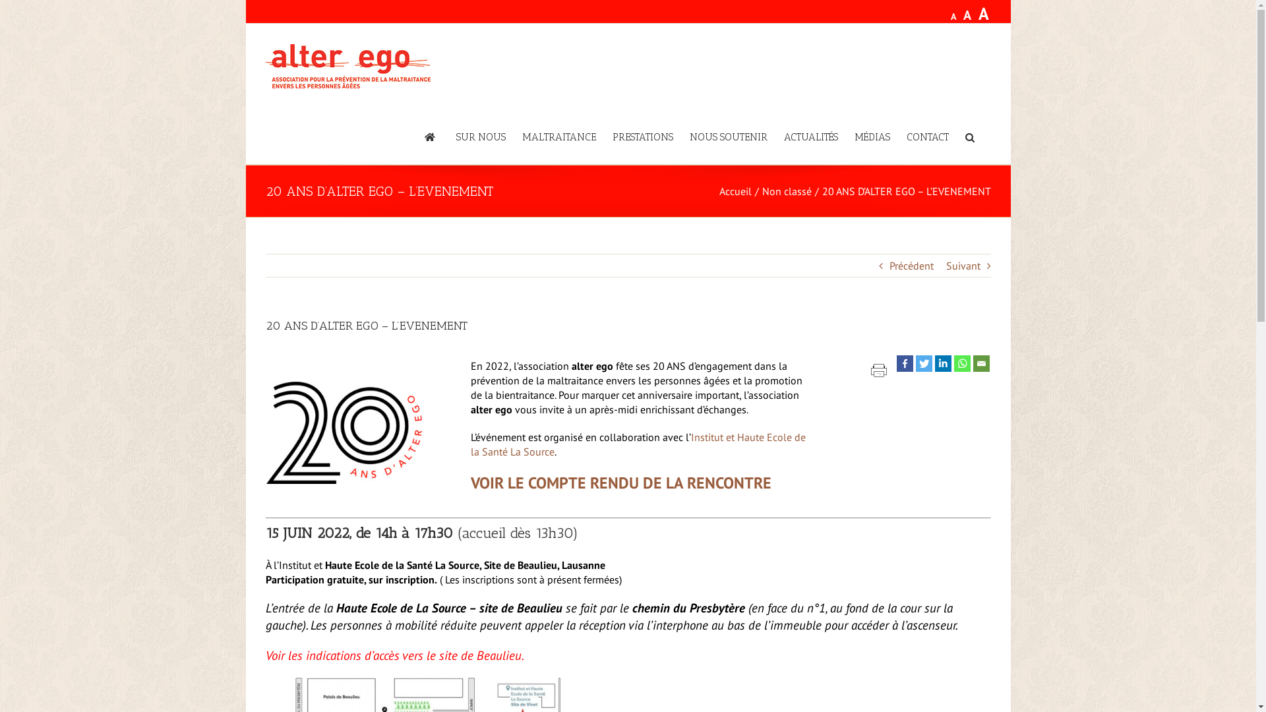  What do you see at coordinates (952, 16) in the screenshot?
I see `'A` at bounding box center [952, 16].